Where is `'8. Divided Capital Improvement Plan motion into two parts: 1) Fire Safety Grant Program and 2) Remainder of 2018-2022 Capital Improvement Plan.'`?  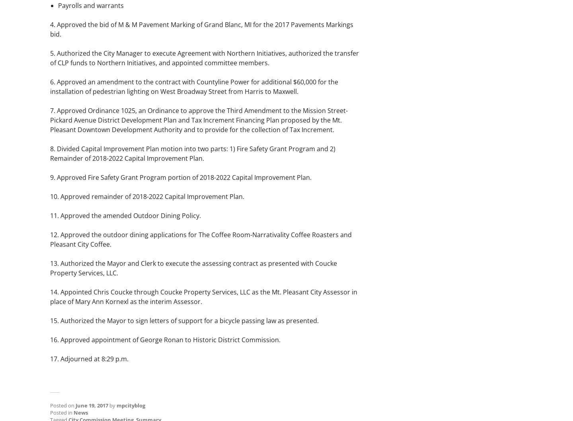 '8. Divided Capital Improvement Plan motion into two parts: 1) Fire Safety Grant Program and 2) Remainder of 2018-2022 Capital Improvement Plan.' is located at coordinates (192, 153).